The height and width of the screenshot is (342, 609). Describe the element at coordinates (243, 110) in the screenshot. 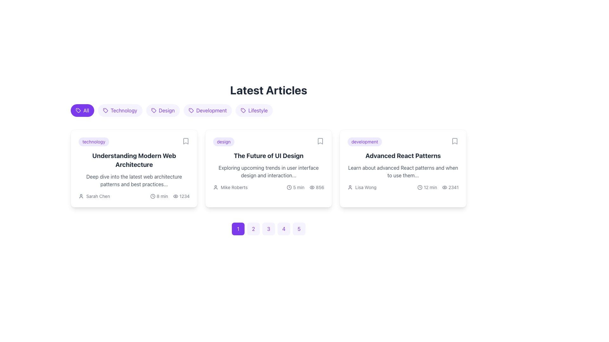

I see `the small, minimalist tag-like icon with a purple outline located to the left of the 'lifestyle' label in the category tags menu under 'Latest Articles'` at that location.